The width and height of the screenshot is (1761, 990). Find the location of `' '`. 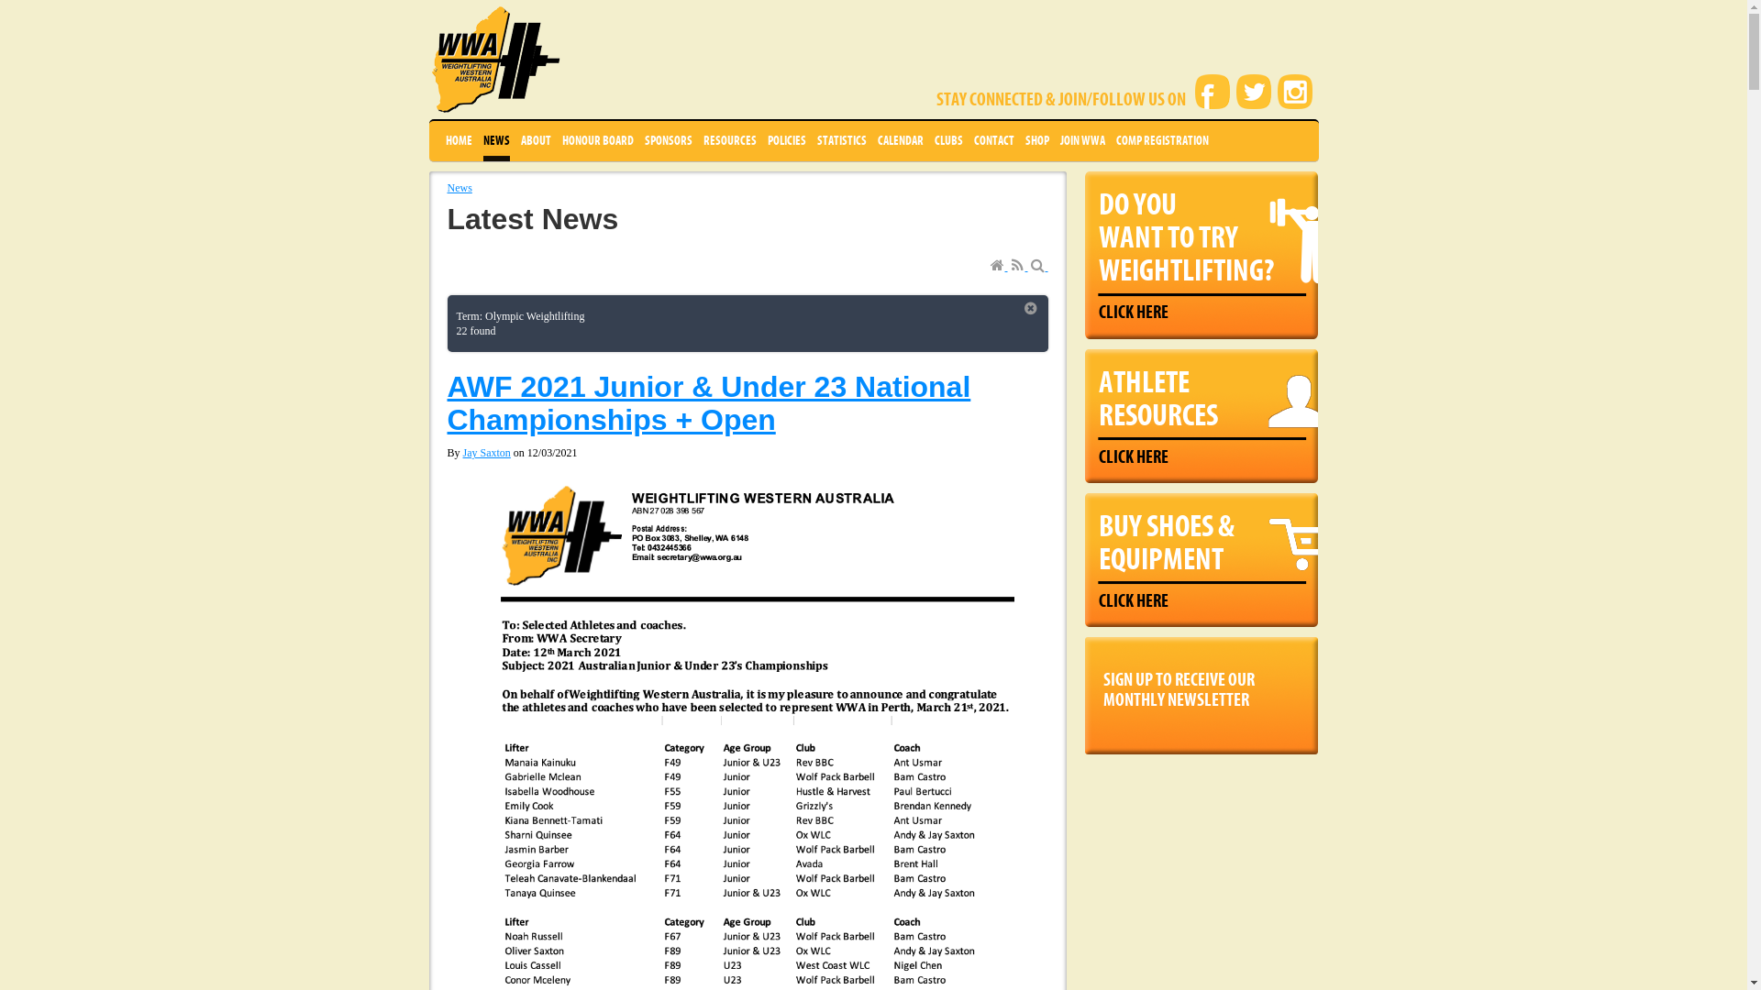

' ' is located at coordinates (998, 266).